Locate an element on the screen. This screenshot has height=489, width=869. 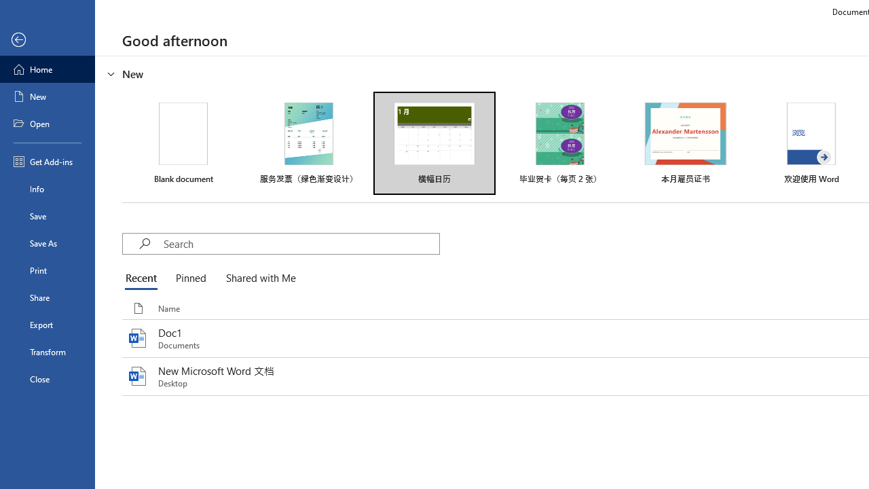
'Close' is located at coordinates (47, 379).